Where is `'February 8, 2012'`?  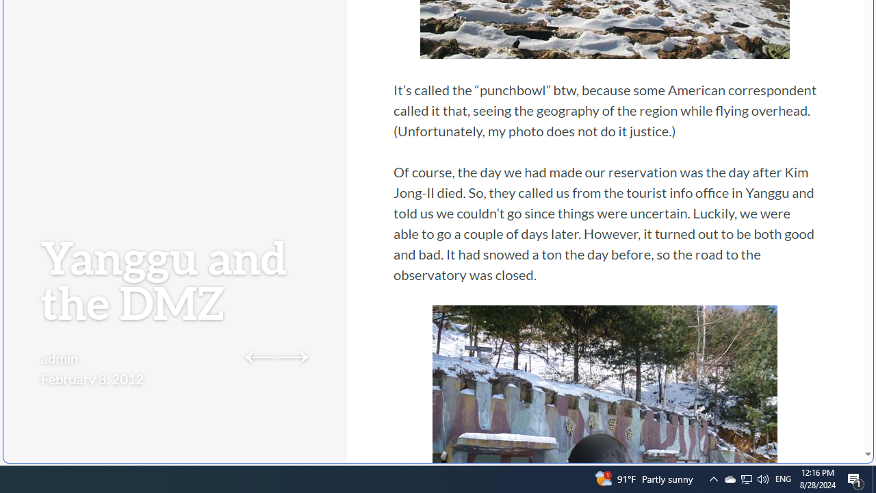
'February 8, 2012' is located at coordinates (92, 378).